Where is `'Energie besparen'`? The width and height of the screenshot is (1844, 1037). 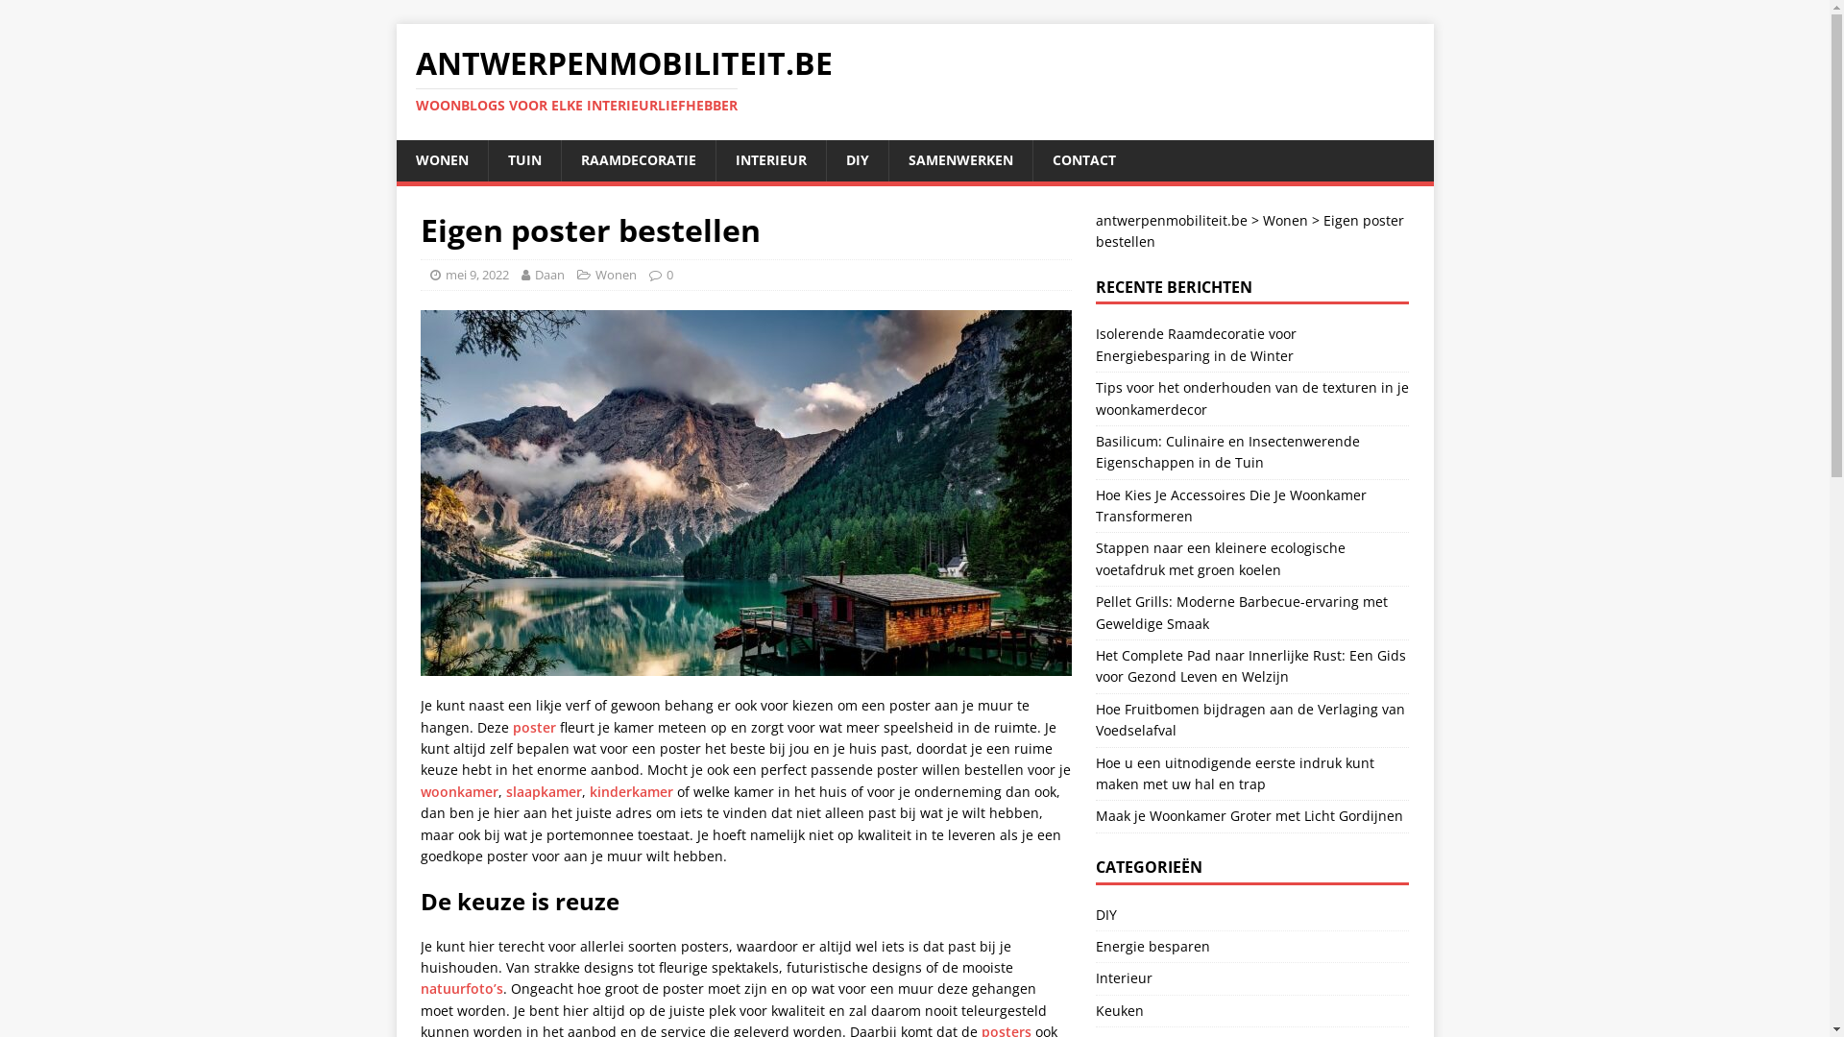 'Energie besparen' is located at coordinates (1096, 946).